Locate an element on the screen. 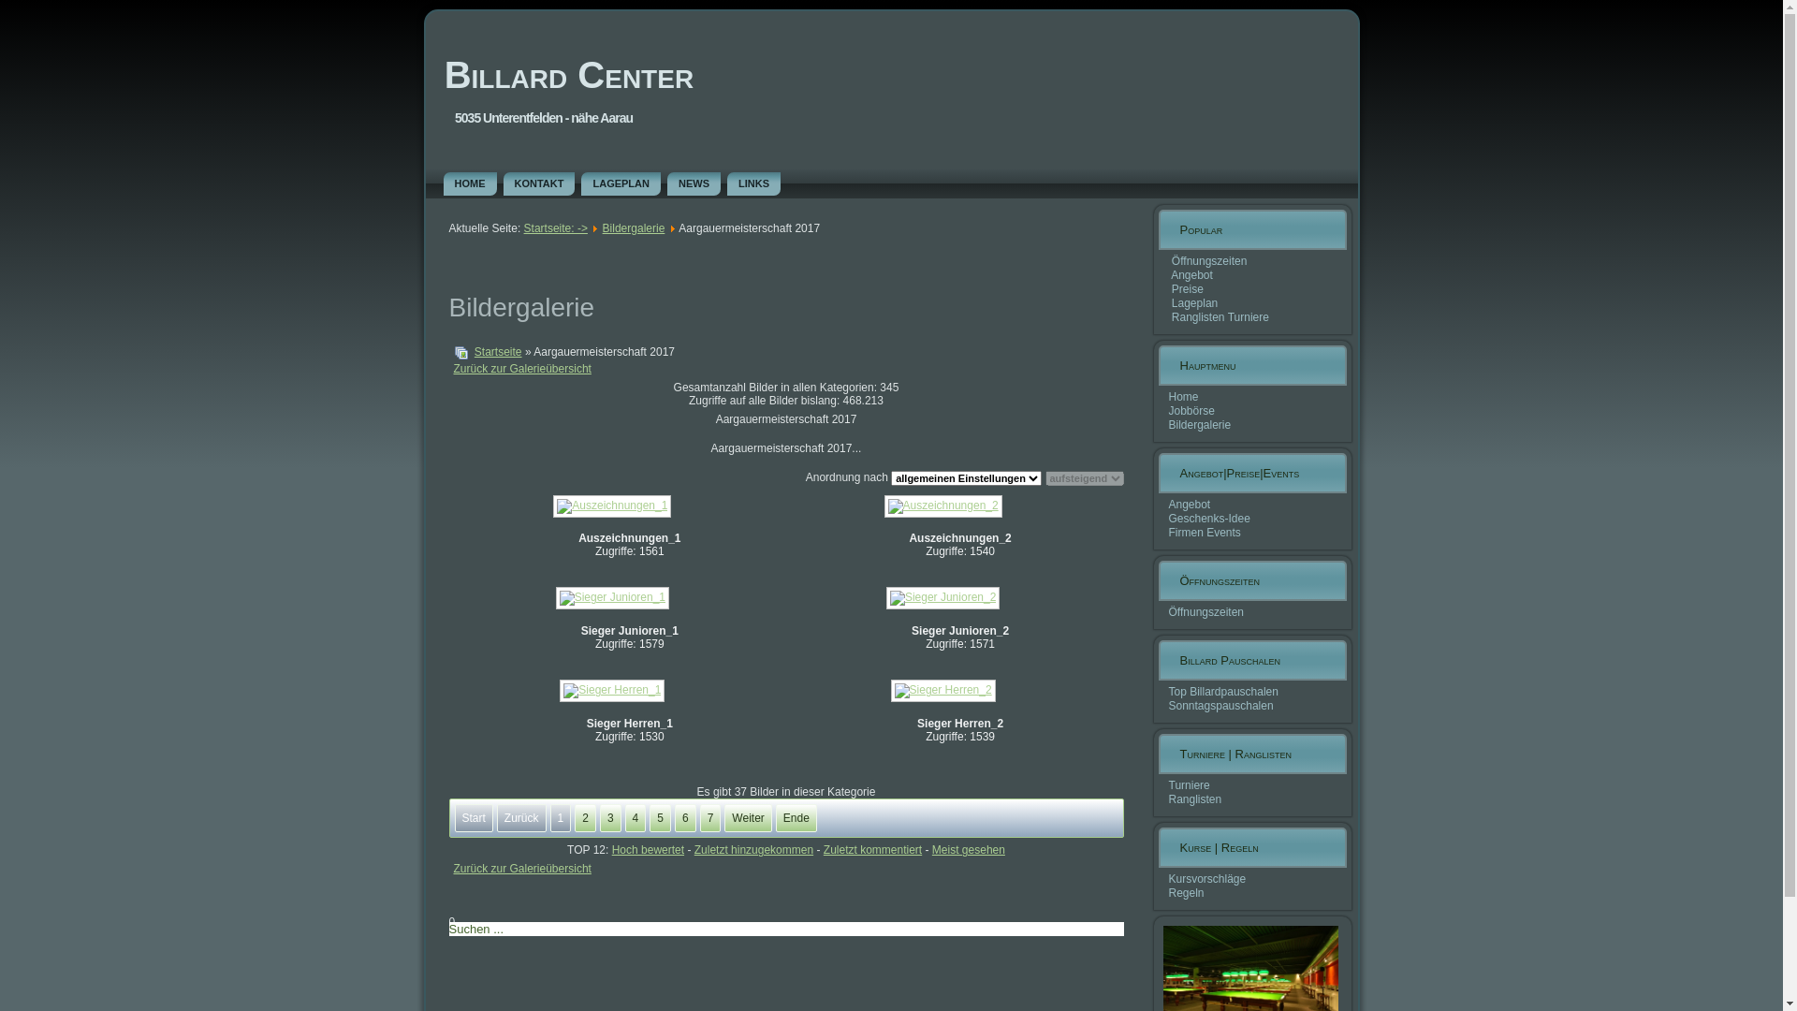  'HOME' is located at coordinates (470, 183).